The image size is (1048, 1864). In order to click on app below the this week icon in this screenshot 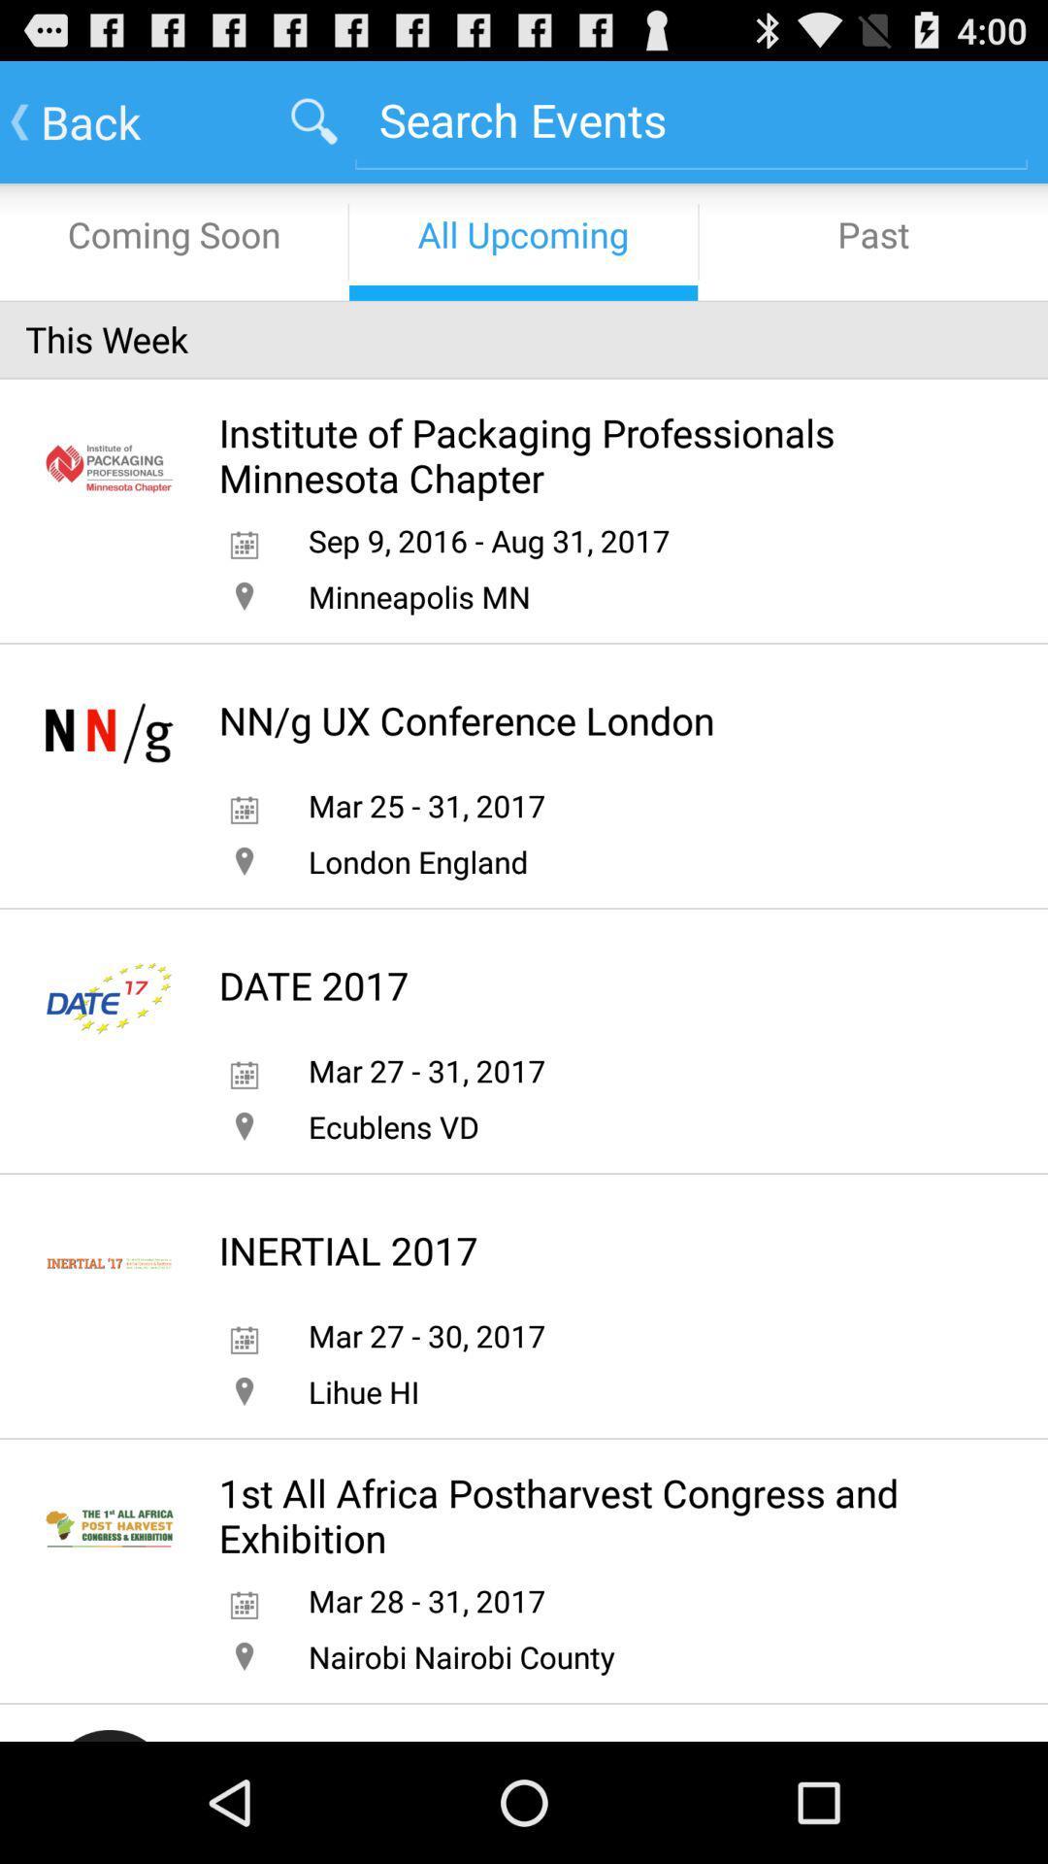, I will do `click(591, 454)`.